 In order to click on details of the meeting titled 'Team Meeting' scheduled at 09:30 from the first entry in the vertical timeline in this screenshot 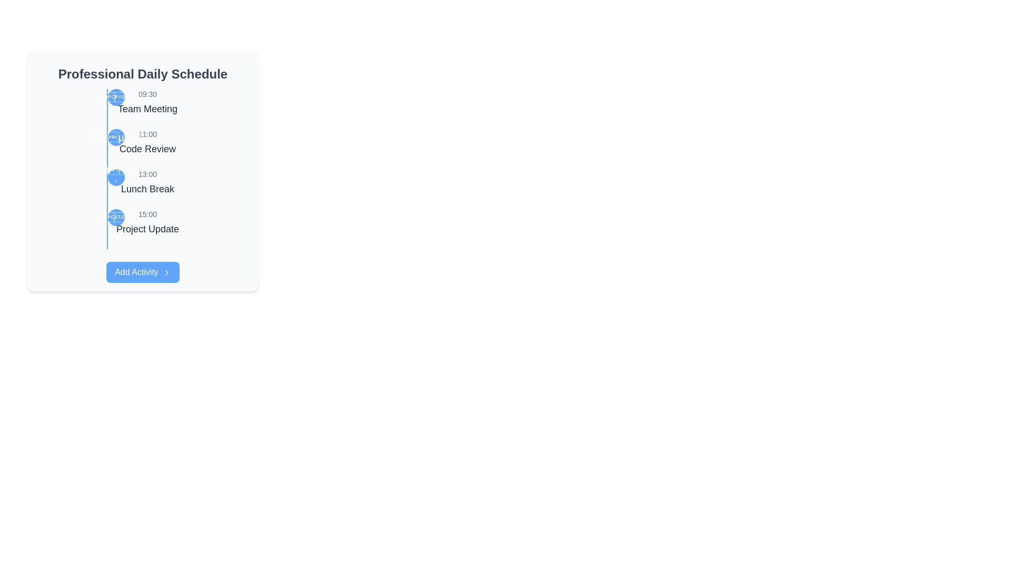, I will do `click(147, 103)`.